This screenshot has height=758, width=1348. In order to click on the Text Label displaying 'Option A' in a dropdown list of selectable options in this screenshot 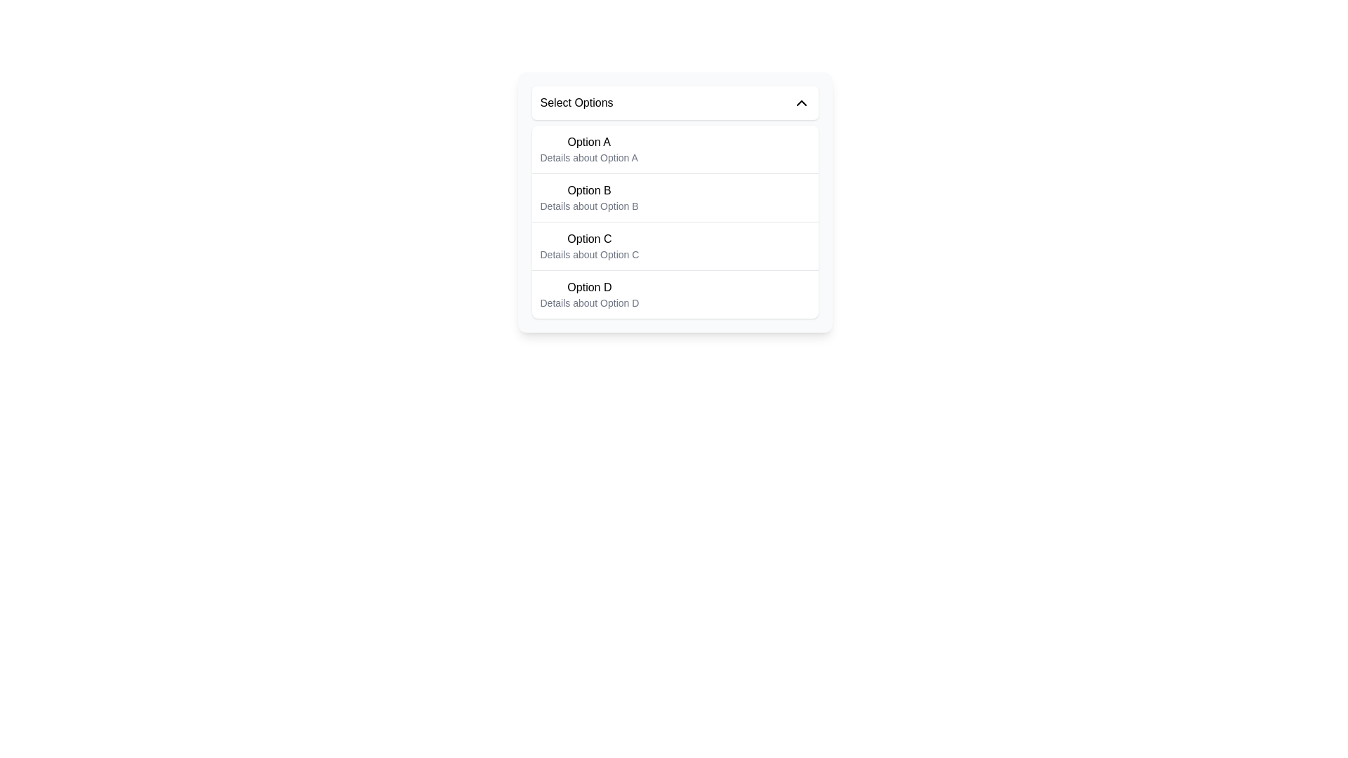, I will do `click(589, 142)`.